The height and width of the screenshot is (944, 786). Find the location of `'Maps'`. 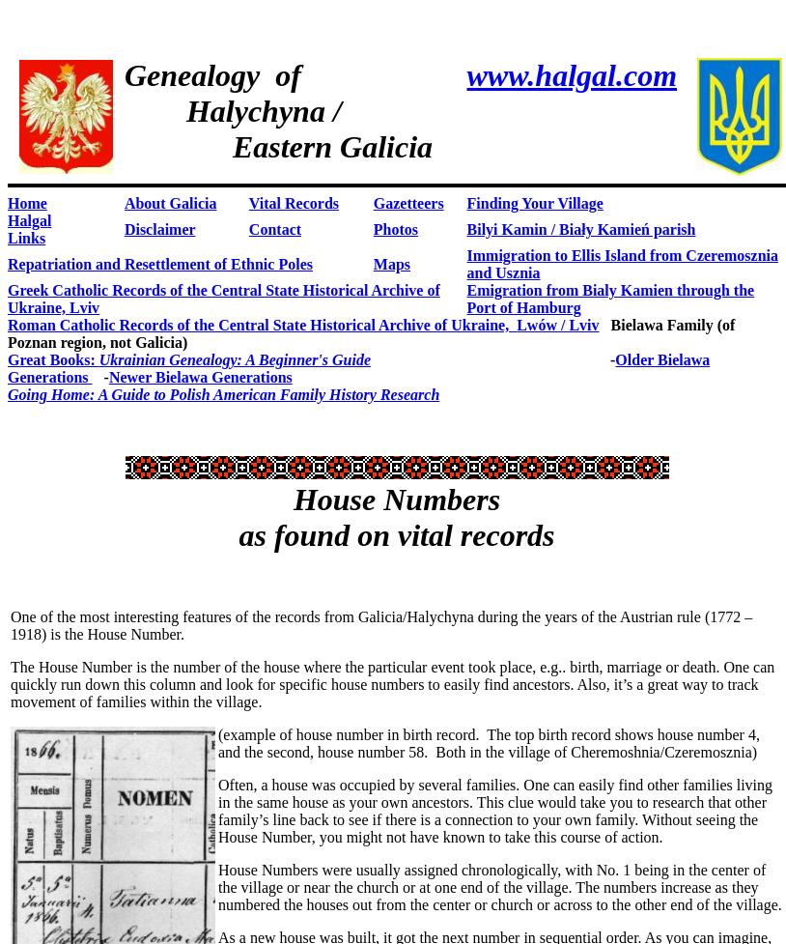

'Maps' is located at coordinates (391, 263).